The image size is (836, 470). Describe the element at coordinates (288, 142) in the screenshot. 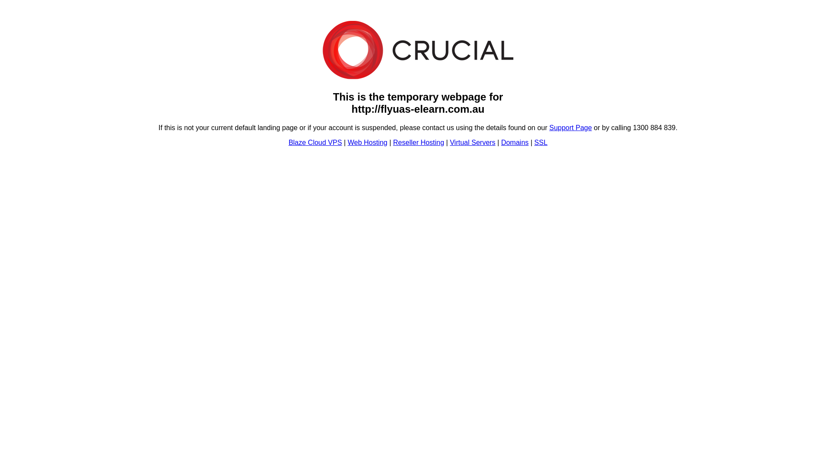

I see `'Blaze Cloud VPS'` at that location.